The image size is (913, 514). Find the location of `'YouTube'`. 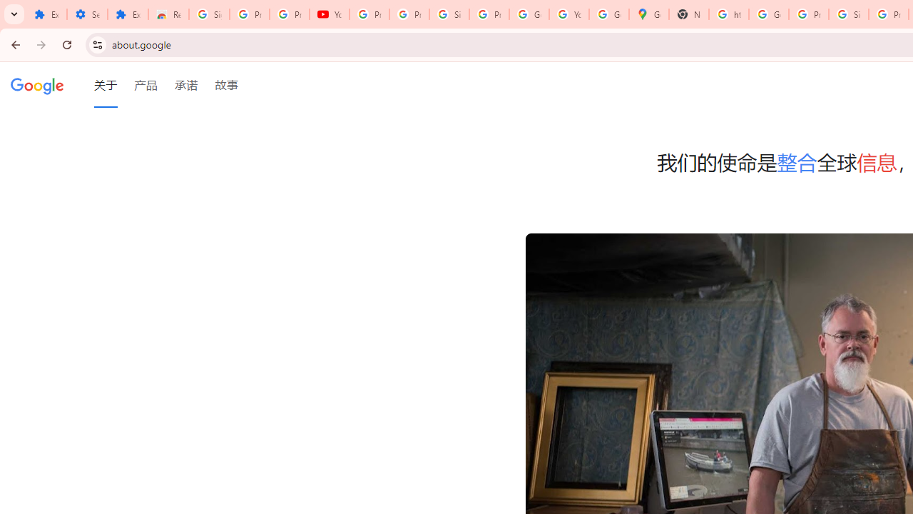

'YouTube' is located at coordinates (329, 14).